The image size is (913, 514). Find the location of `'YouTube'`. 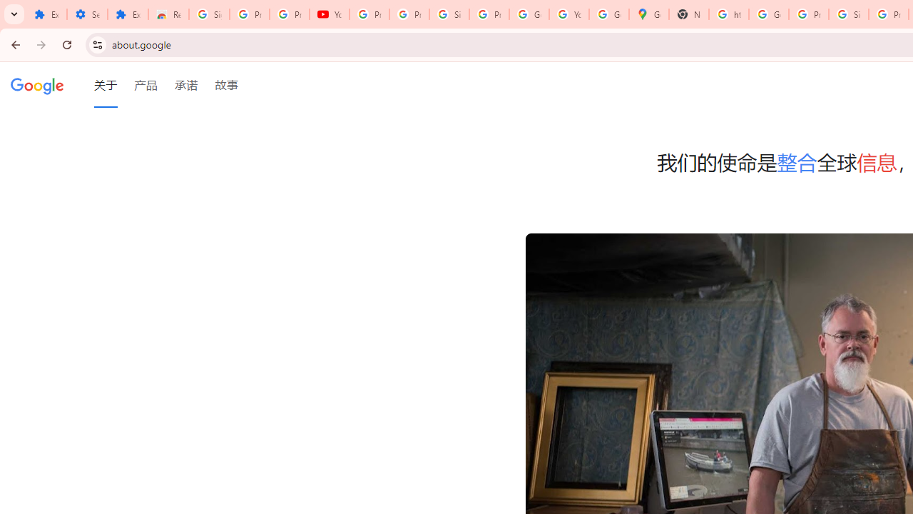

'YouTube' is located at coordinates (329, 14).